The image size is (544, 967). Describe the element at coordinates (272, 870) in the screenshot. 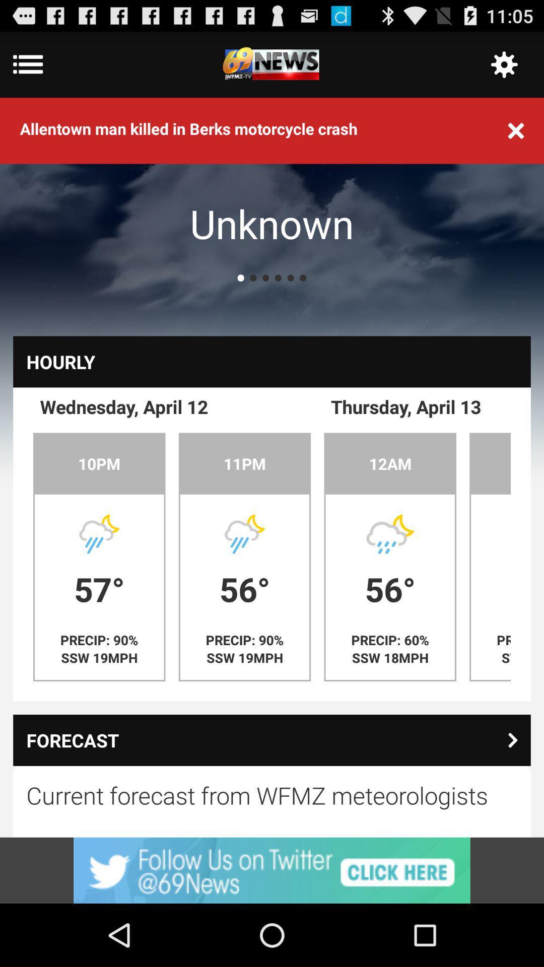

I see `advertising site` at that location.